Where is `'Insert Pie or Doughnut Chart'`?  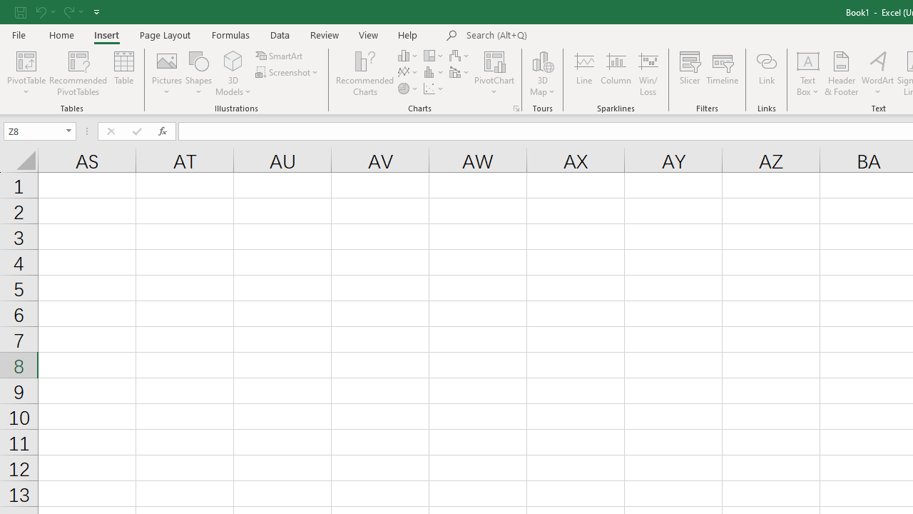 'Insert Pie or Doughnut Chart' is located at coordinates (408, 89).